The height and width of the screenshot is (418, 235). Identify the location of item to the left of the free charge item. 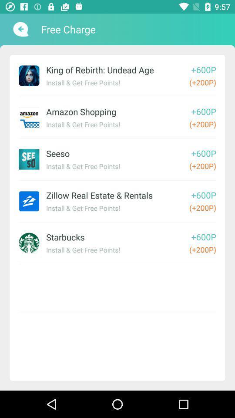
(20, 29).